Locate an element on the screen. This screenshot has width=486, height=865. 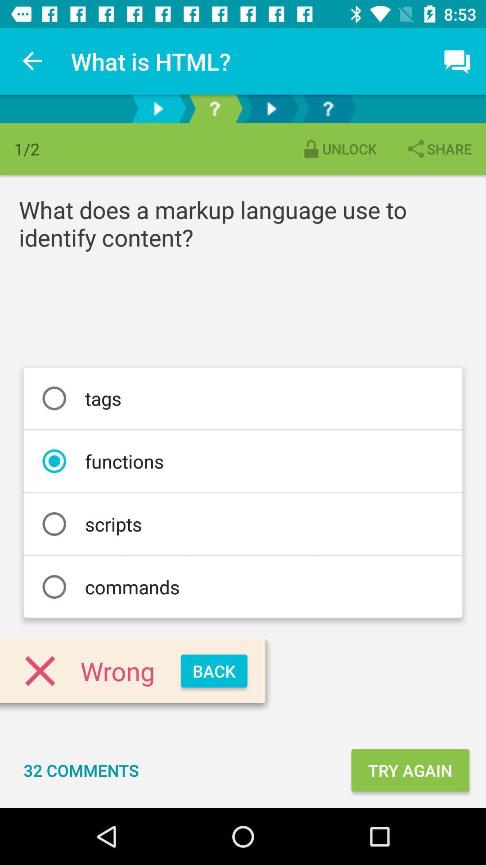
icon to the left of try again is located at coordinates (81, 769).